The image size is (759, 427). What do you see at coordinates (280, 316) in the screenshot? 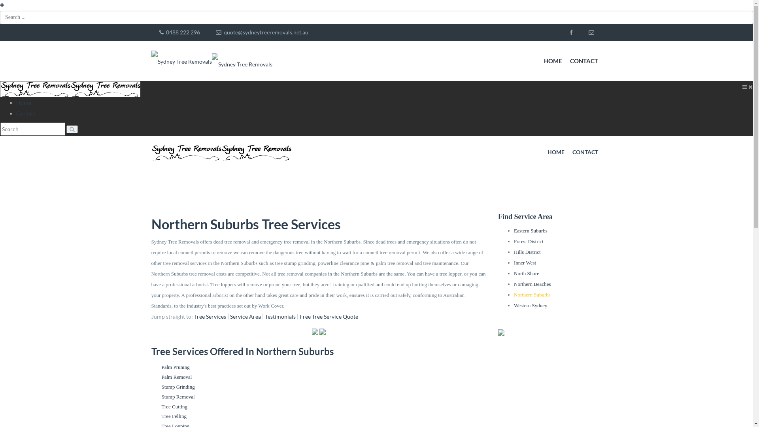
I see `'Testimonials'` at bounding box center [280, 316].